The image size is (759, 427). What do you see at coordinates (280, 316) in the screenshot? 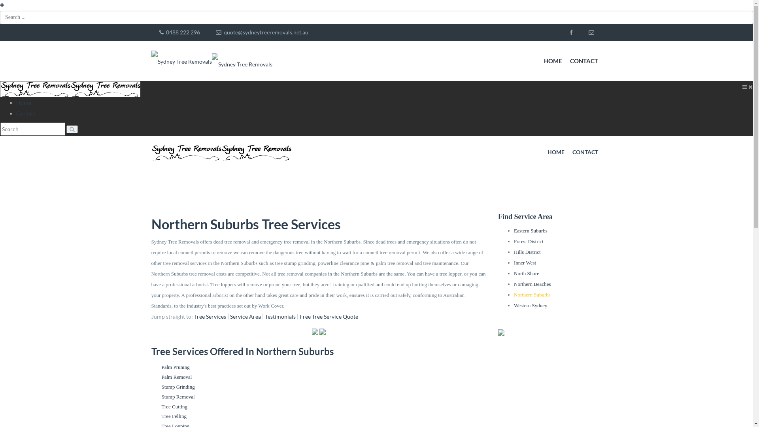
I see `'Testimonials'` at bounding box center [280, 316].